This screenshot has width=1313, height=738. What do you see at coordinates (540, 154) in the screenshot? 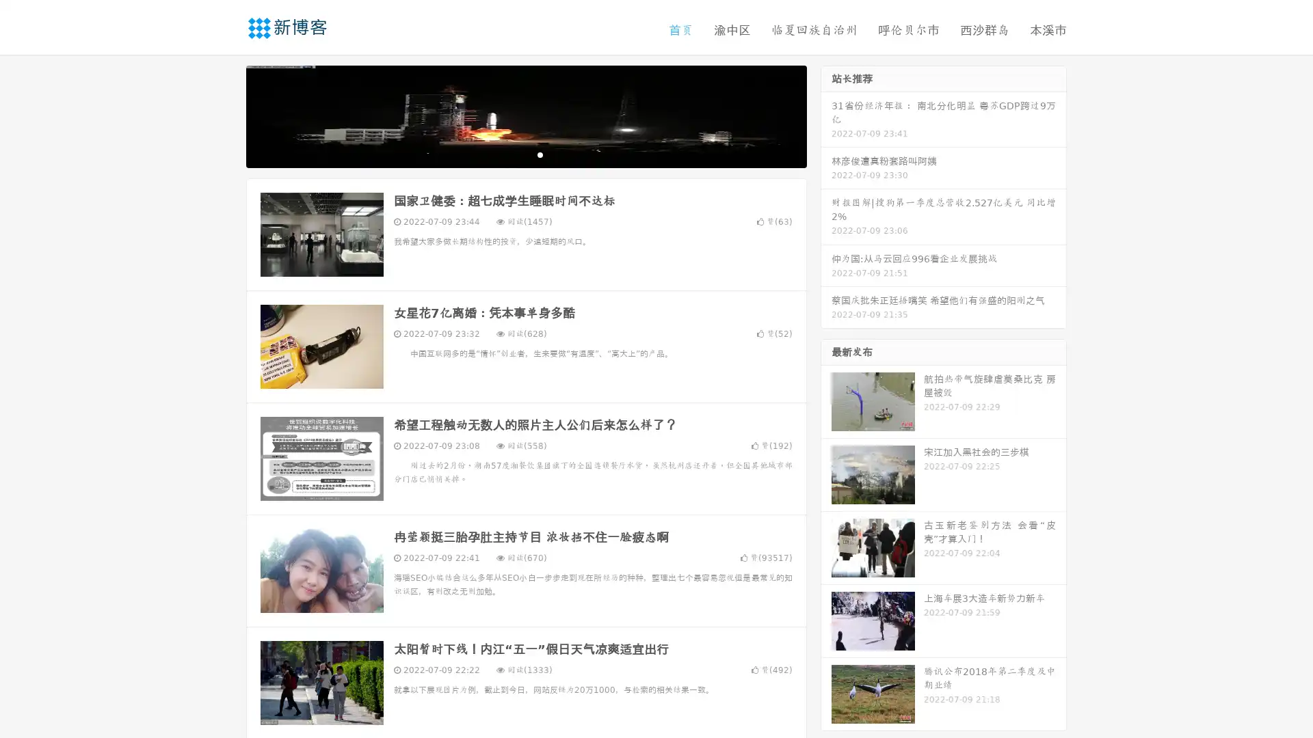
I see `Go to slide 3` at bounding box center [540, 154].